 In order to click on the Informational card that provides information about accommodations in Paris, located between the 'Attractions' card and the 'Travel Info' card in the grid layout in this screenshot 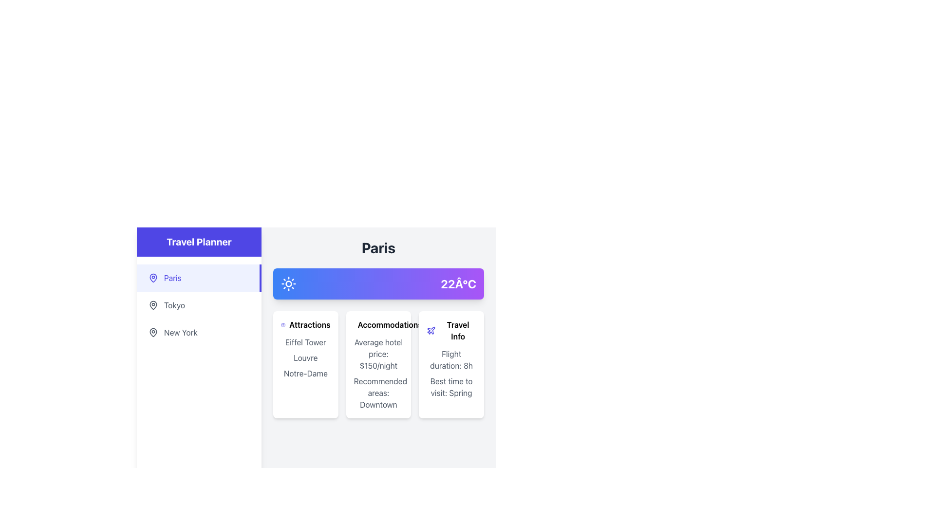, I will do `click(378, 364)`.